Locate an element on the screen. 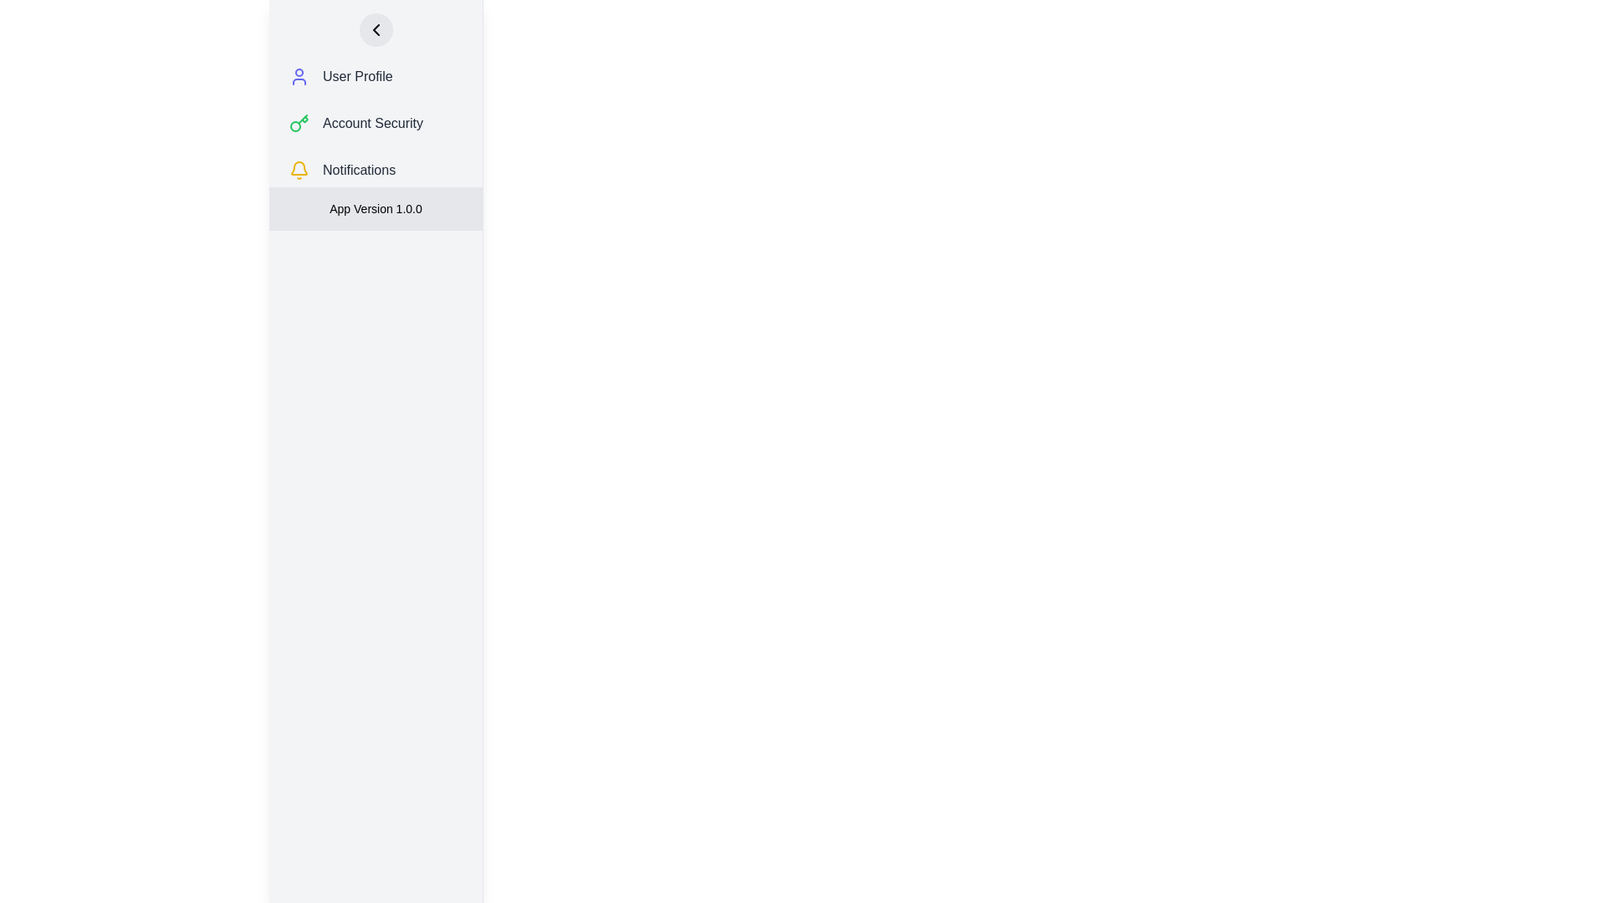  the 'User Profile' text label in the vertical navigation menu, which is displayed in dark gray and slightly bold font, immediately below the user profile icon is located at coordinates (356, 77).